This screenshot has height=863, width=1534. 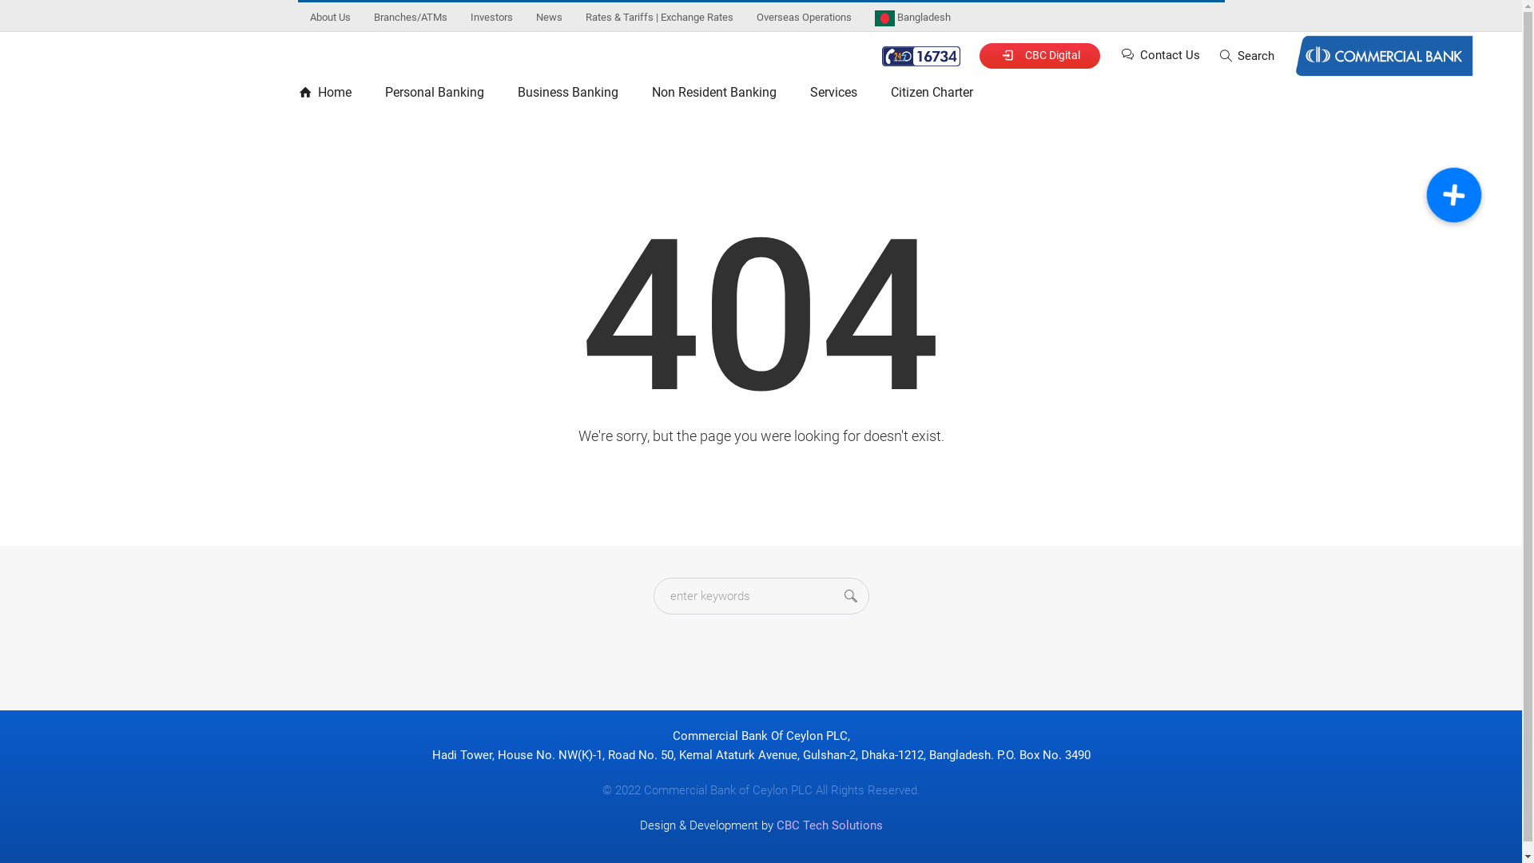 I want to click on 'Personal Banking', so click(x=433, y=95).